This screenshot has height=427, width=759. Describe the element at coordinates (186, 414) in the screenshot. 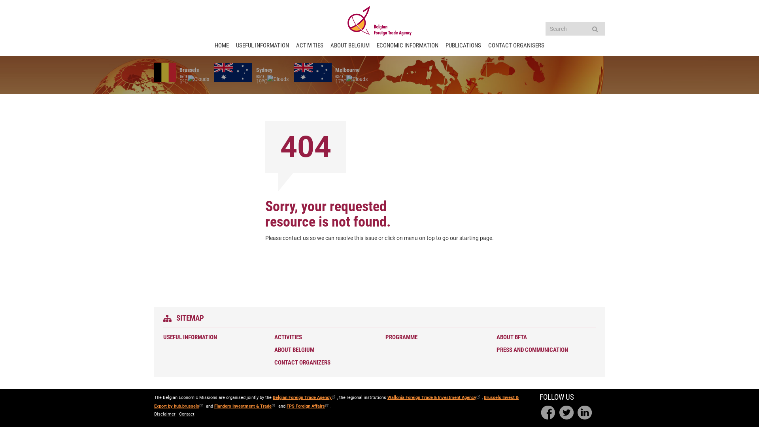

I see `'Contact'` at that location.